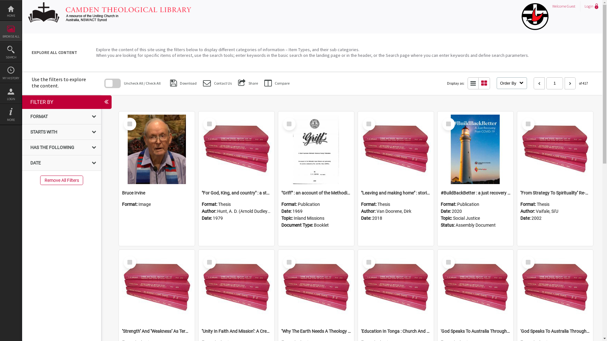 The width and height of the screenshot is (607, 341). What do you see at coordinates (11, 31) in the screenshot?
I see `'BROWSE ALL'` at bounding box center [11, 31].